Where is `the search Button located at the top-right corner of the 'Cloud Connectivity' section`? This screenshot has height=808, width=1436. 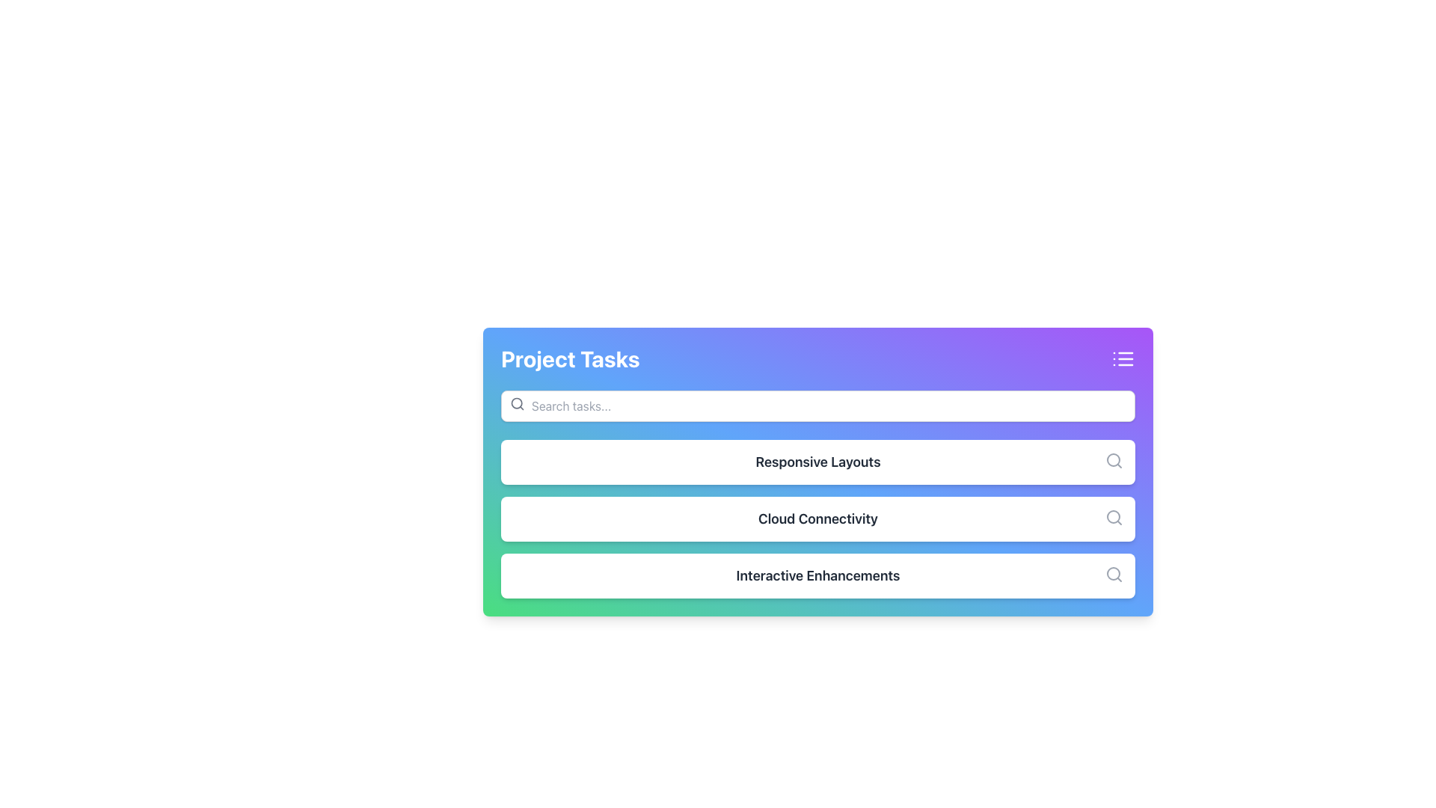 the search Button located at the top-right corner of the 'Cloud Connectivity' section is located at coordinates (1114, 516).